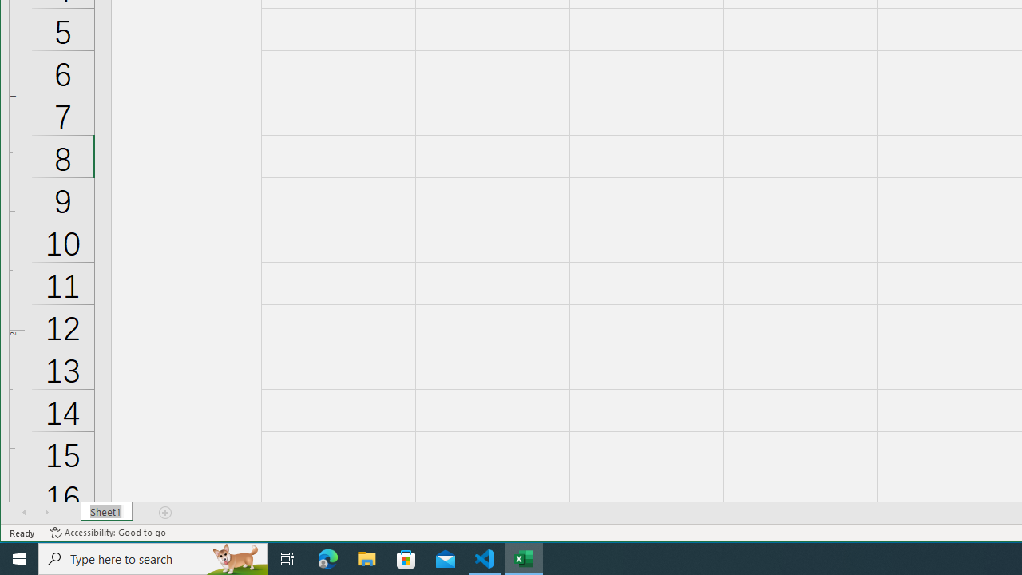 This screenshot has width=1022, height=575. What do you see at coordinates (287, 557) in the screenshot?
I see `'Task View'` at bounding box center [287, 557].